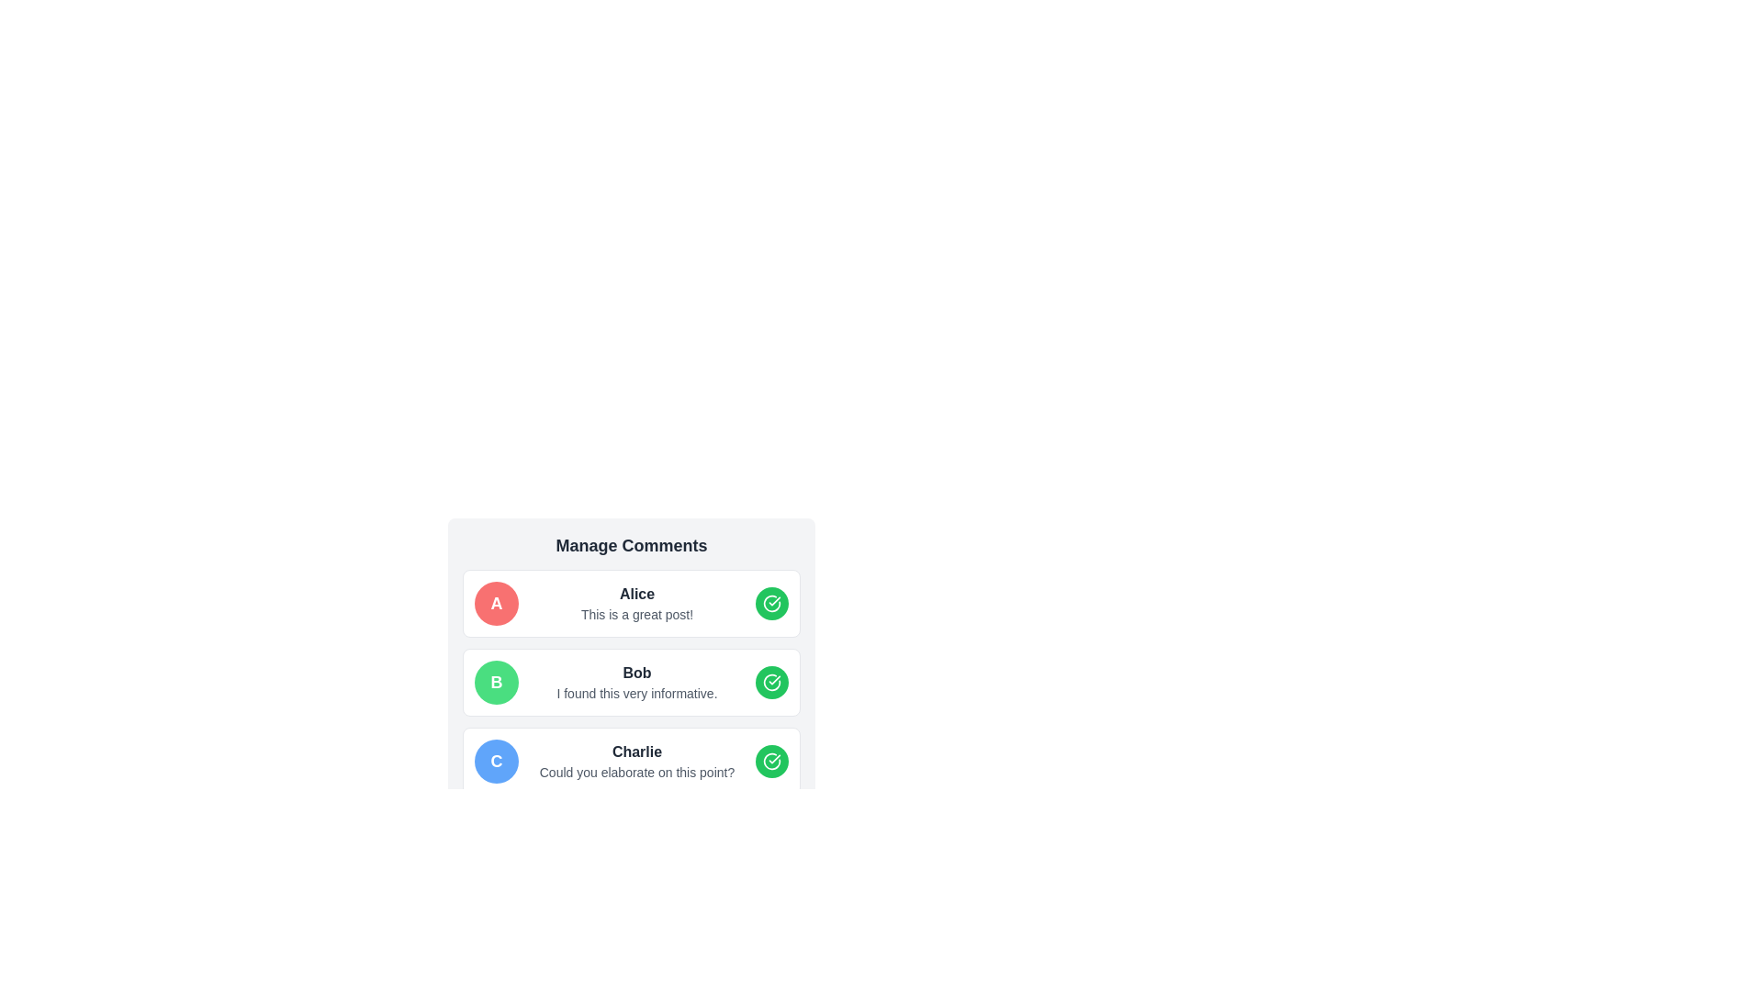 The width and height of the screenshot is (1763, 991). I want to click on the text label that denotes the name of a user, positioned at the bottom of the vertically stacked list, beneath another content block, so click(637, 752).